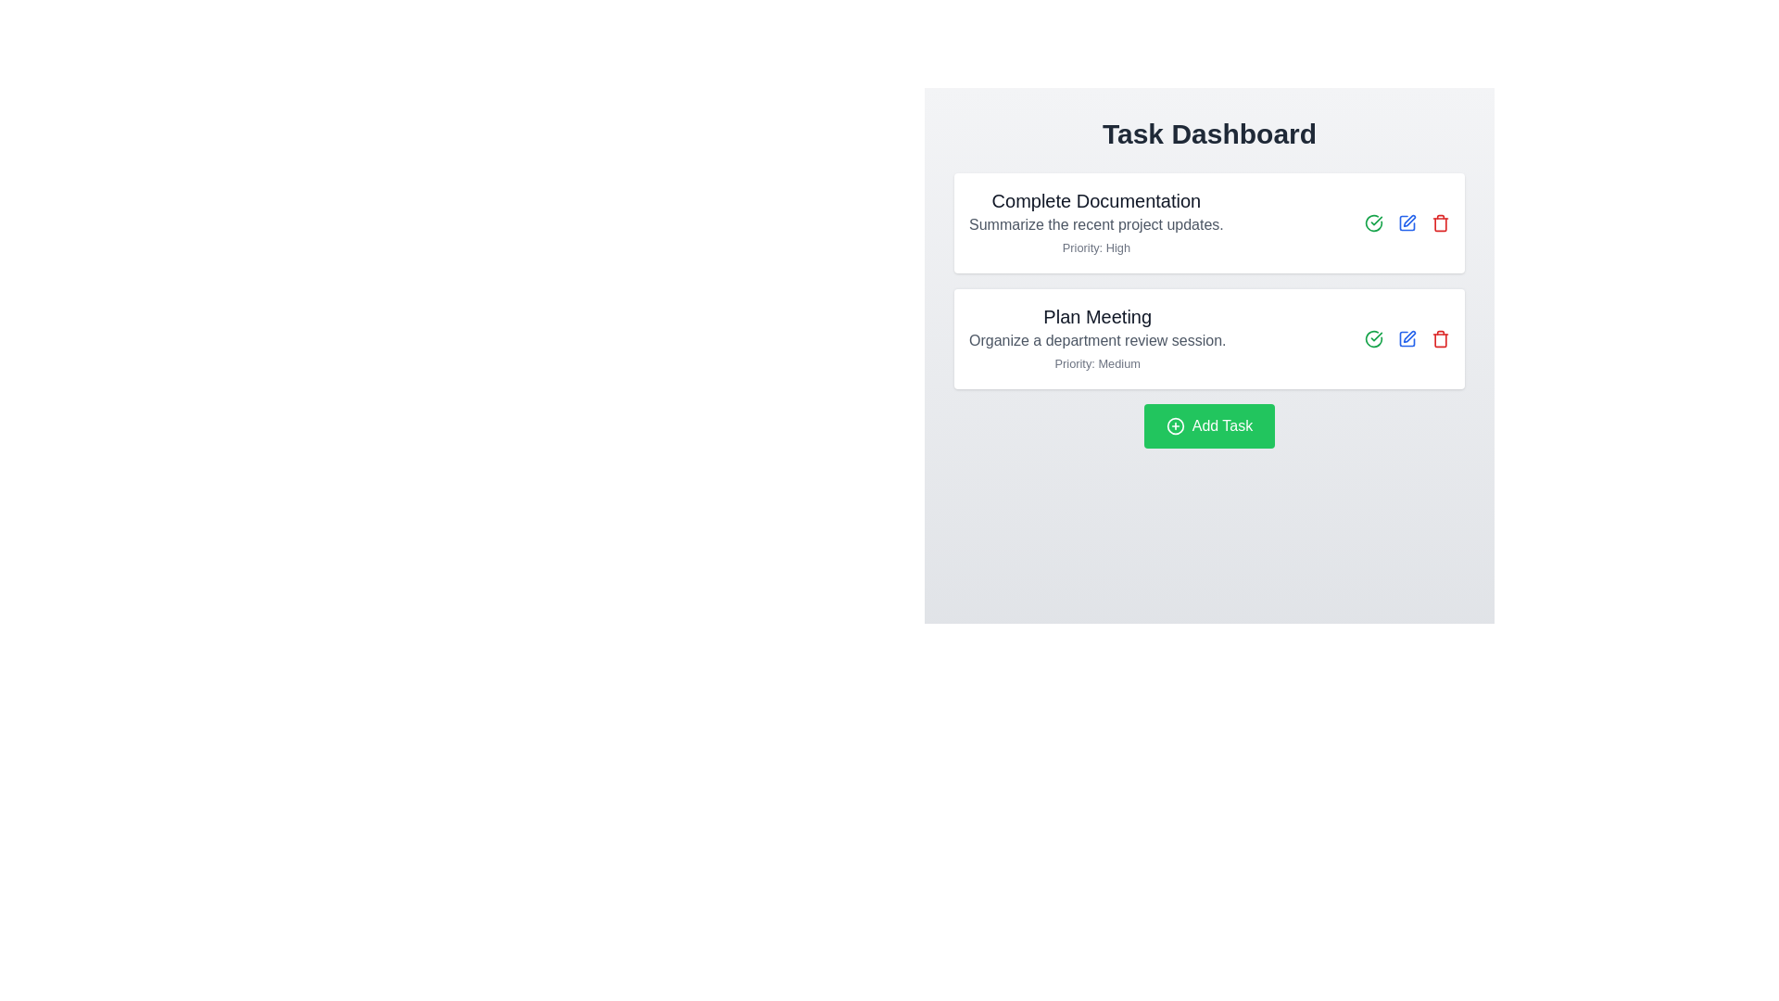  Describe the element at coordinates (1408, 220) in the screenshot. I see `the middle icon button located to the right of the task description interface` at that location.